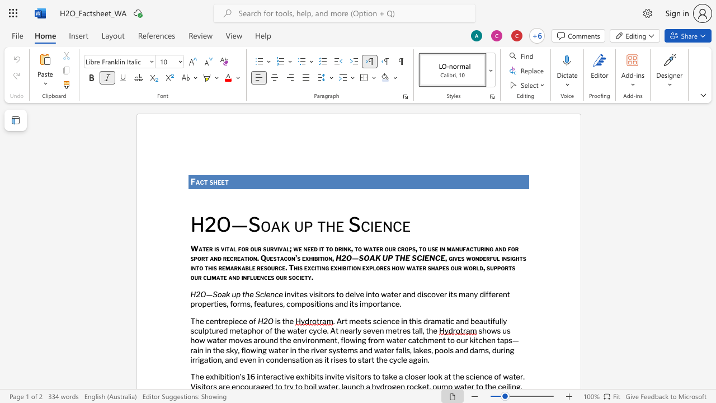  I want to click on the space between the continuous character "w" and "i" in the text, so click(354, 340).